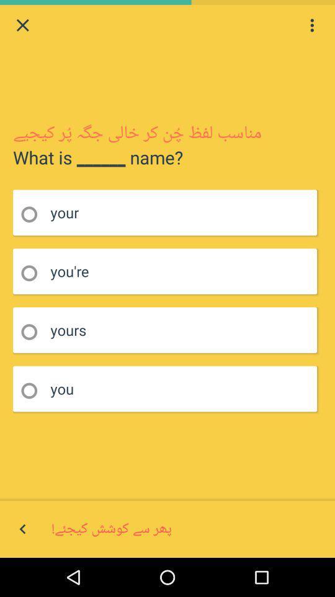  What do you see at coordinates (22, 24) in the screenshot?
I see `close tab` at bounding box center [22, 24].